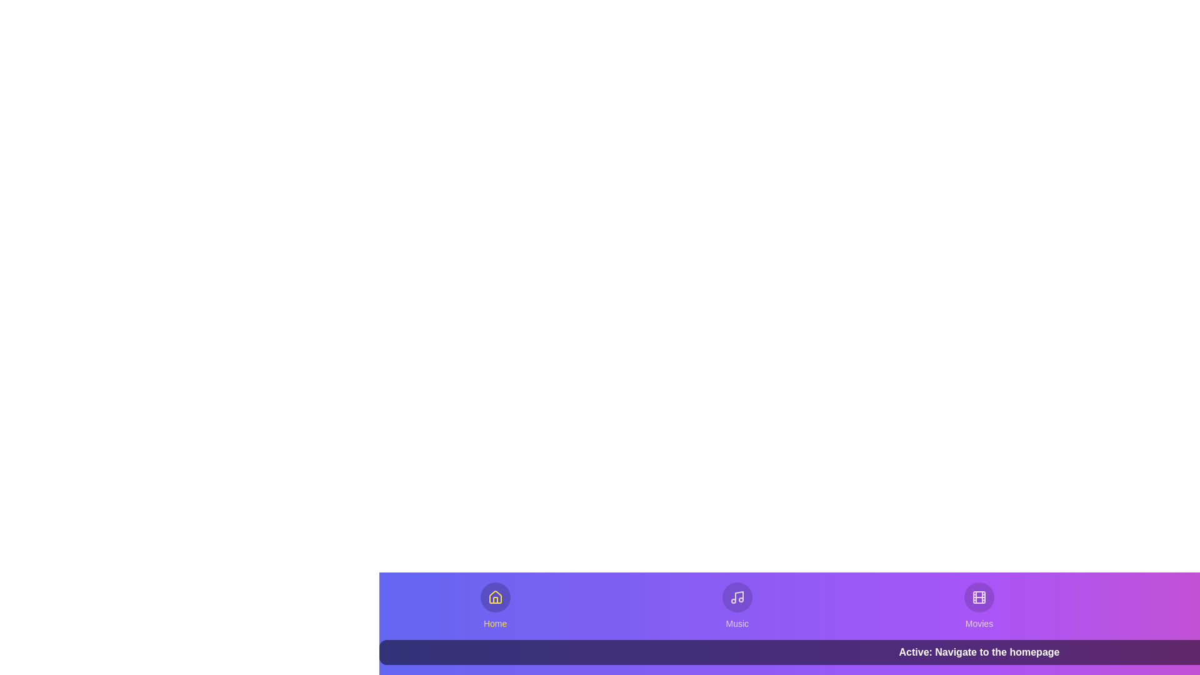 The height and width of the screenshot is (675, 1200). Describe the element at coordinates (737, 605) in the screenshot. I see `the Music tab from the bottom navigation bar` at that location.